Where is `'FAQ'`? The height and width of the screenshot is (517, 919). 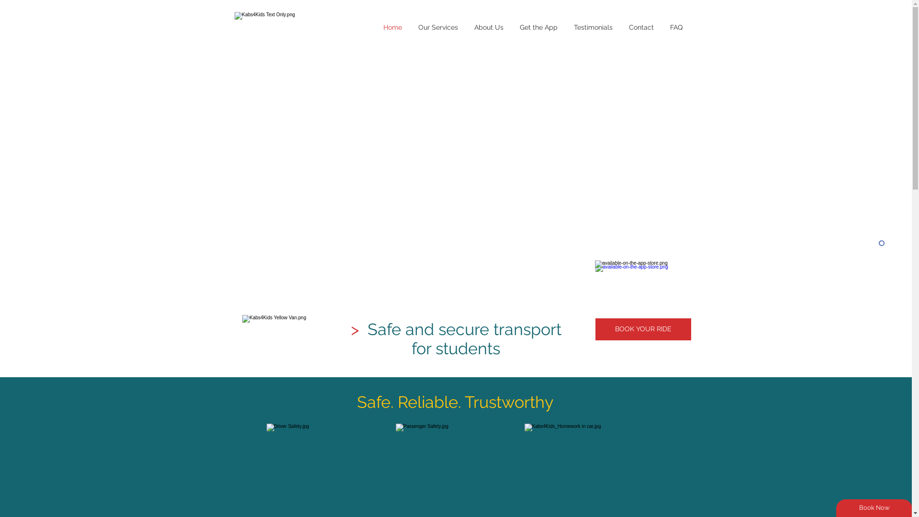 'FAQ' is located at coordinates (675, 27).